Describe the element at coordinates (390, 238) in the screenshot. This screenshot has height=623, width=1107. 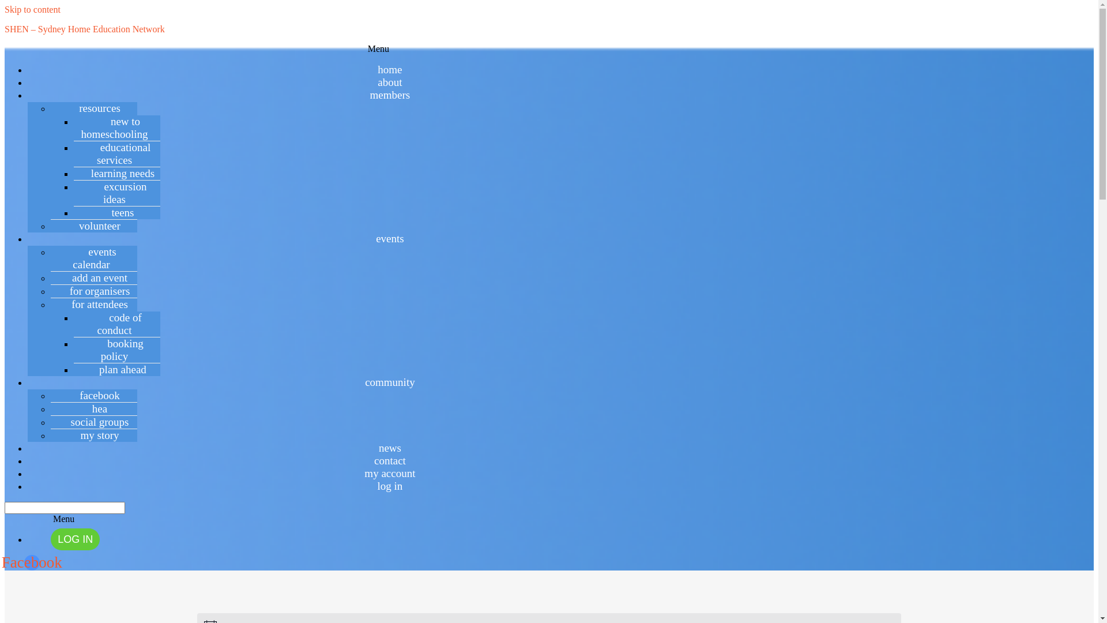
I see `'events'` at that location.